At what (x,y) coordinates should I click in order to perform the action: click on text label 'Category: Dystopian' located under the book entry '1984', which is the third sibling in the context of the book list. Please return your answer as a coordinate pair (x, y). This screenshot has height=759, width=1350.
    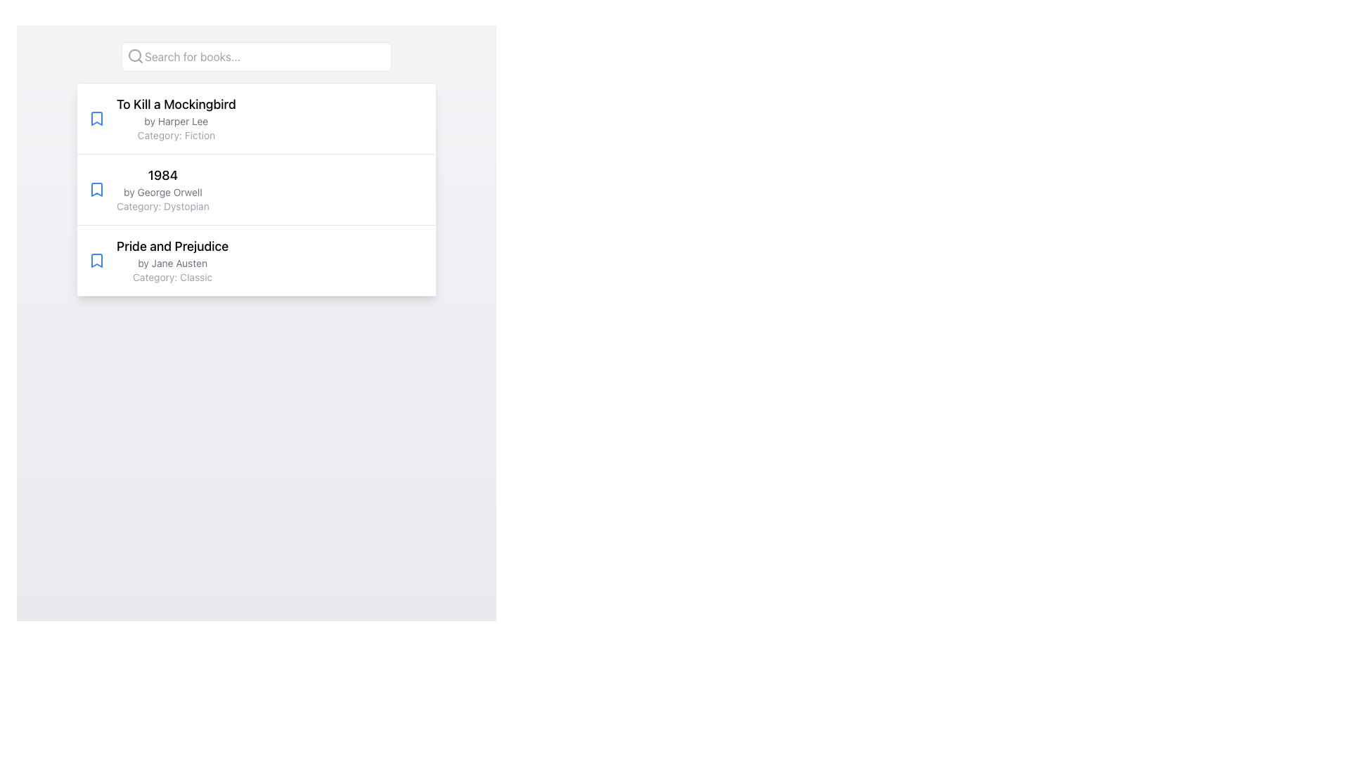
    Looking at the image, I should click on (162, 206).